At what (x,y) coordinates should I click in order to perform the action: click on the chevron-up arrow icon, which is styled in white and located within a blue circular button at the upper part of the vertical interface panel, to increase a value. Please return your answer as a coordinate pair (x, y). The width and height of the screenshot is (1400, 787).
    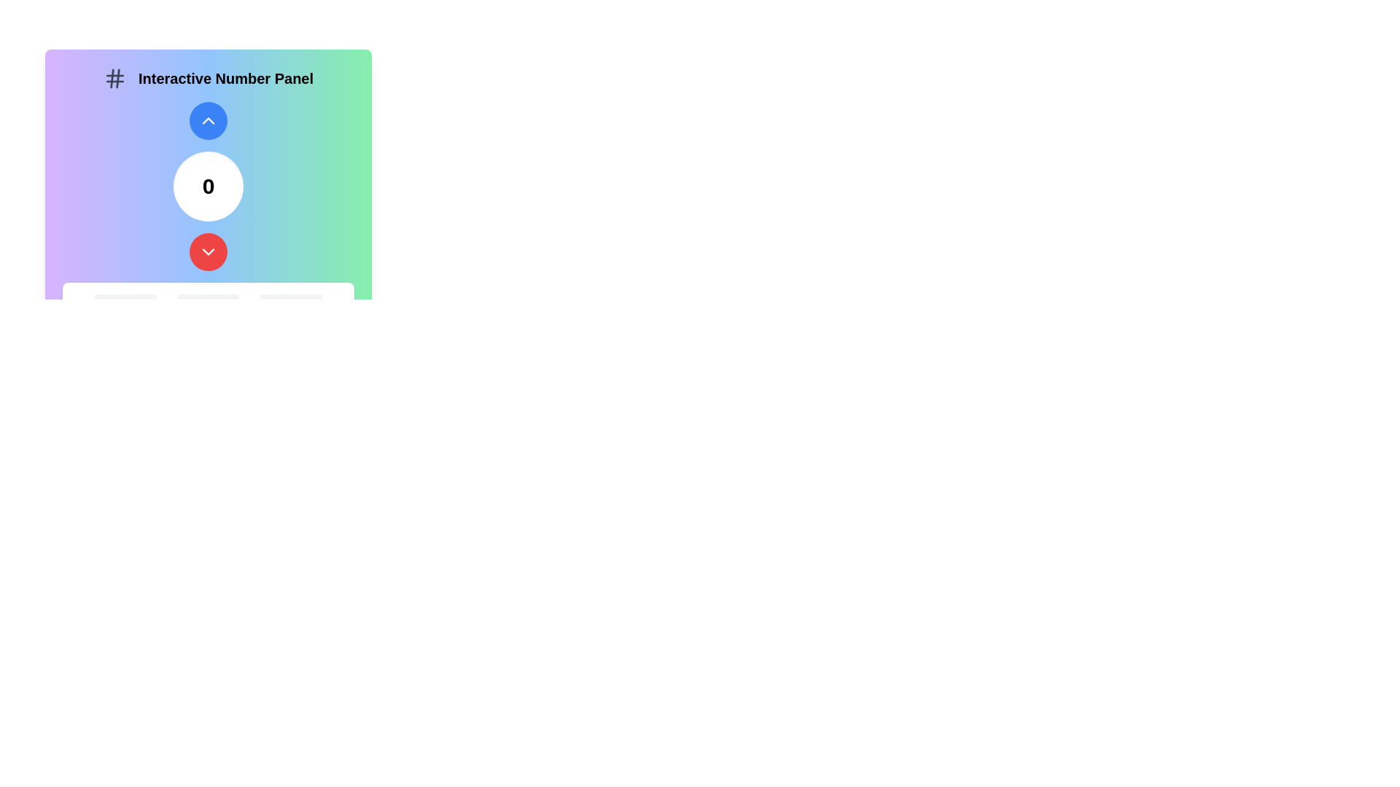
    Looking at the image, I should click on (208, 120).